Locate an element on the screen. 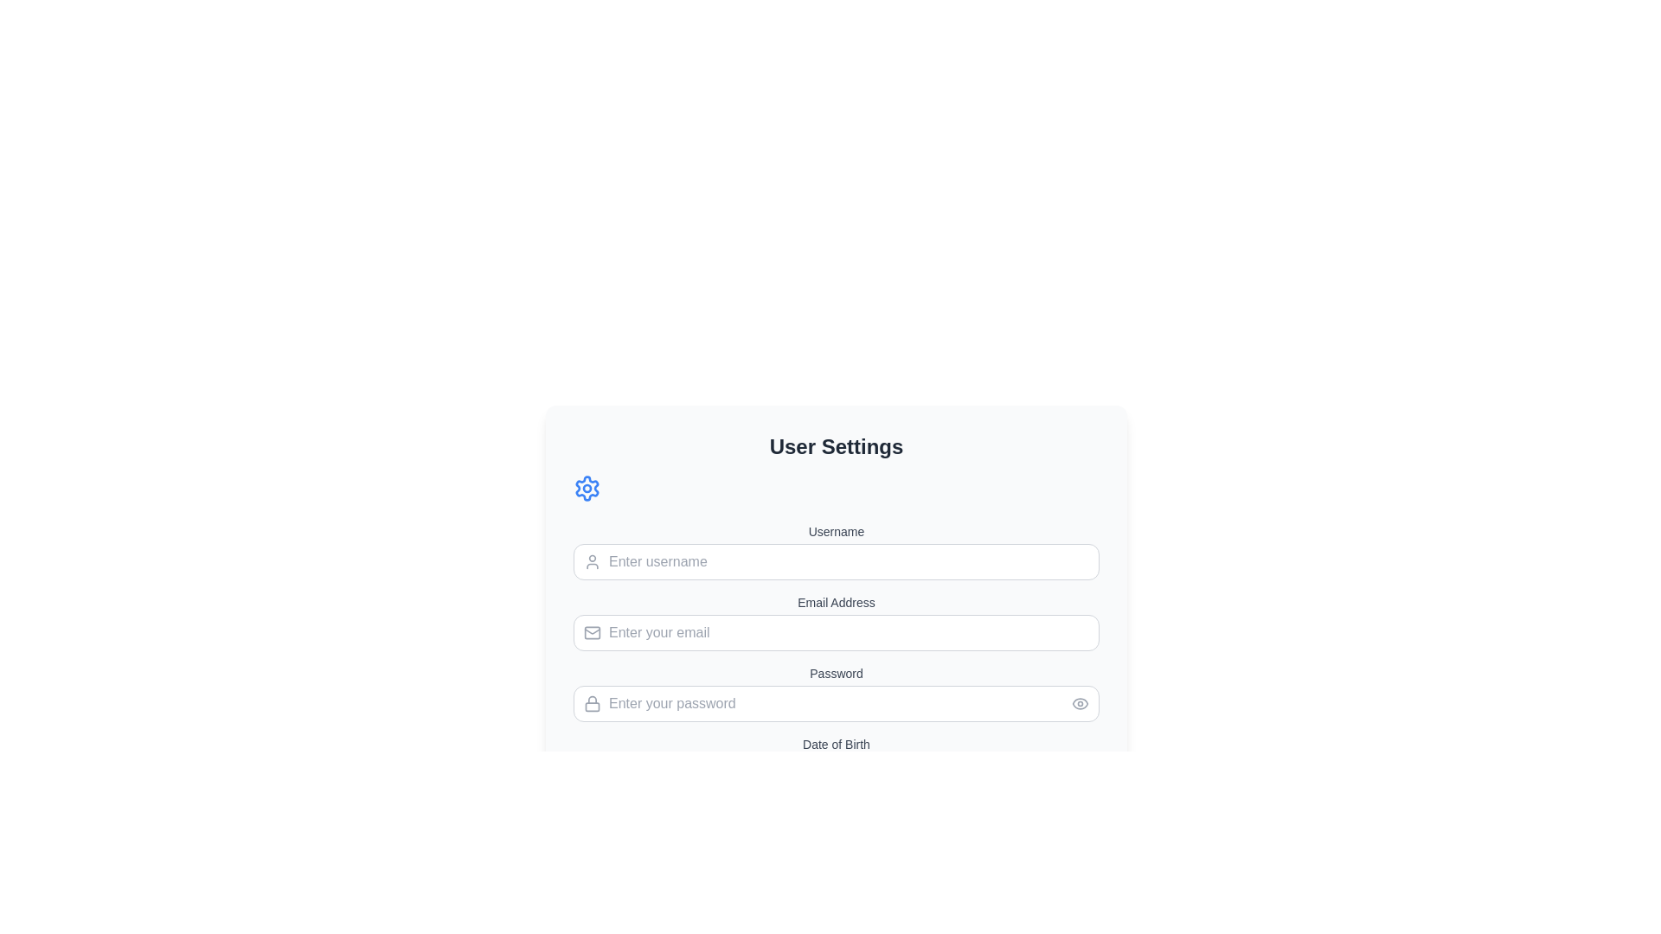 The image size is (1661, 934). the password entry field by clicking the decorative lock icon is located at coordinates (593, 703).